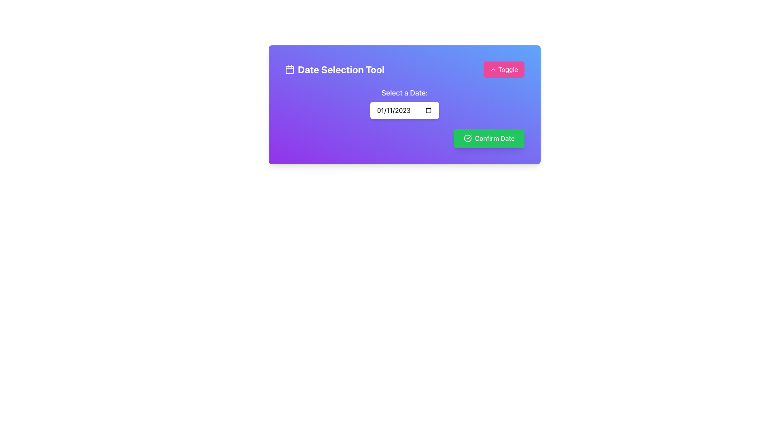 This screenshot has width=777, height=437. Describe the element at coordinates (493, 69) in the screenshot. I see `the small, upward-pointing chevron icon located on the left side of the 'Toggle' button in the upper-right corner of the card interface` at that location.